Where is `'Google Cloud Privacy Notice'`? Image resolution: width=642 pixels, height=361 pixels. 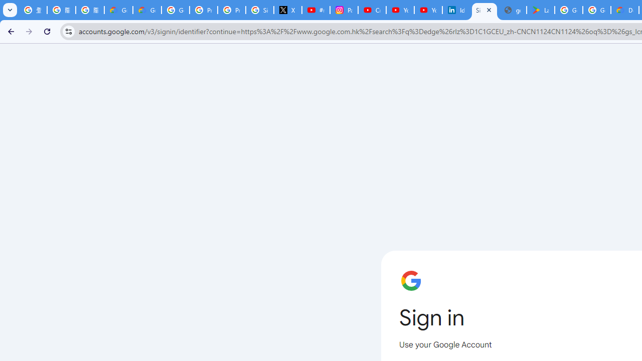 'Google Cloud Privacy Notice' is located at coordinates (118, 10).